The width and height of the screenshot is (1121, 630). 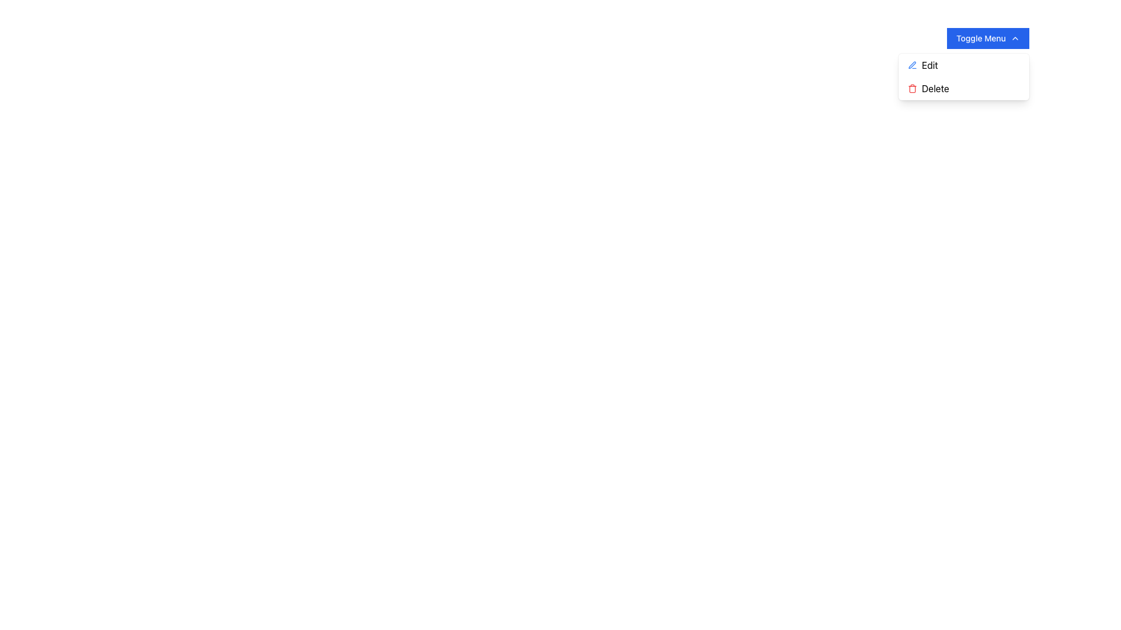 I want to click on the 'Delete' icon located within the 'Delete' button in the dropdown menu, which visually indicates the 'Delete' action, so click(x=911, y=87).